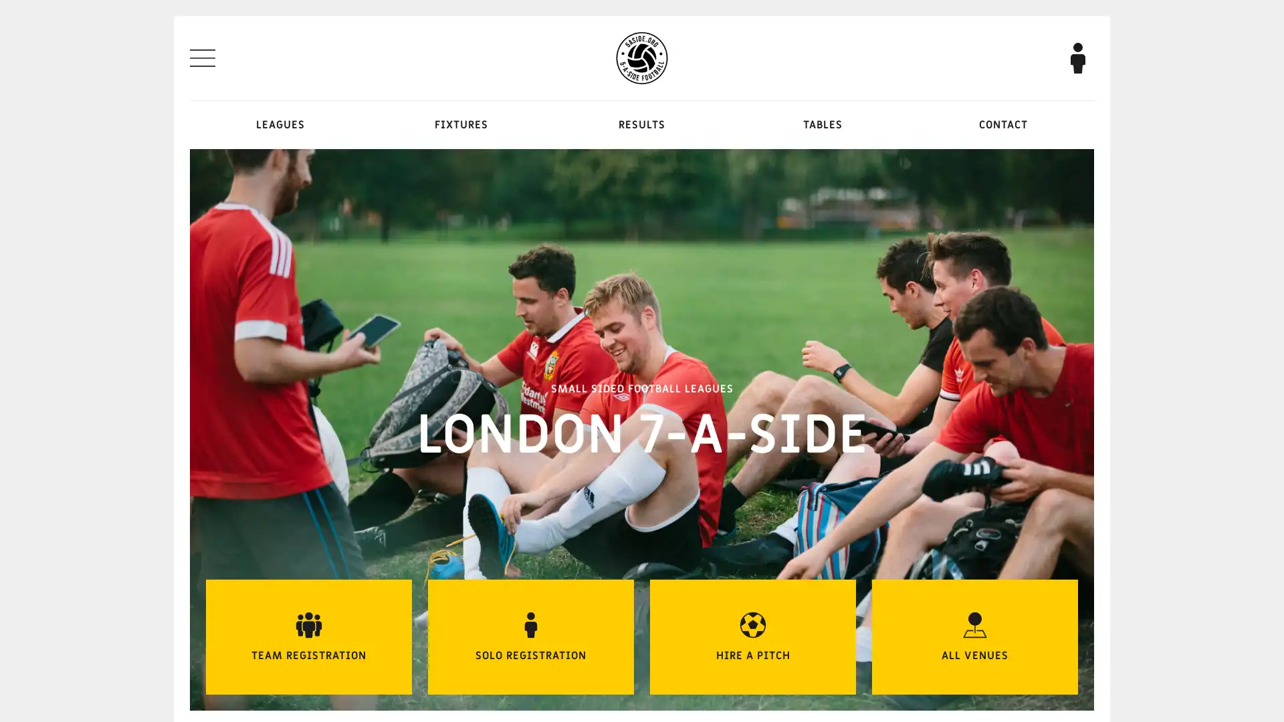  What do you see at coordinates (1104, 430) in the screenshot?
I see `Next` at bounding box center [1104, 430].